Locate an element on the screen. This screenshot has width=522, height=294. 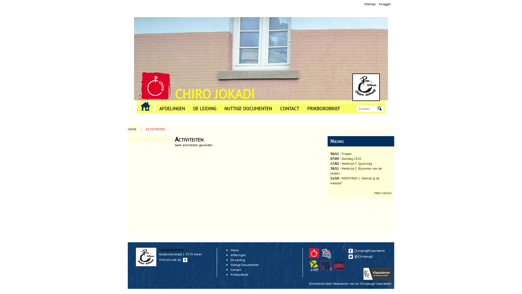
'HOME' is located at coordinates (133, 129).